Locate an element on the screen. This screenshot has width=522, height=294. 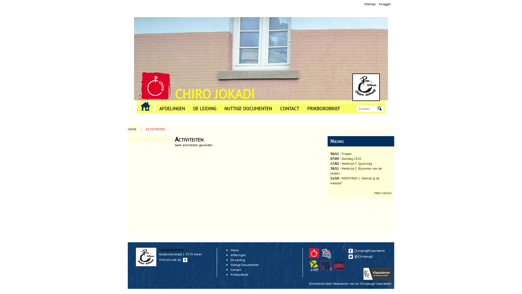
'HOME' is located at coordinates (133, 129).